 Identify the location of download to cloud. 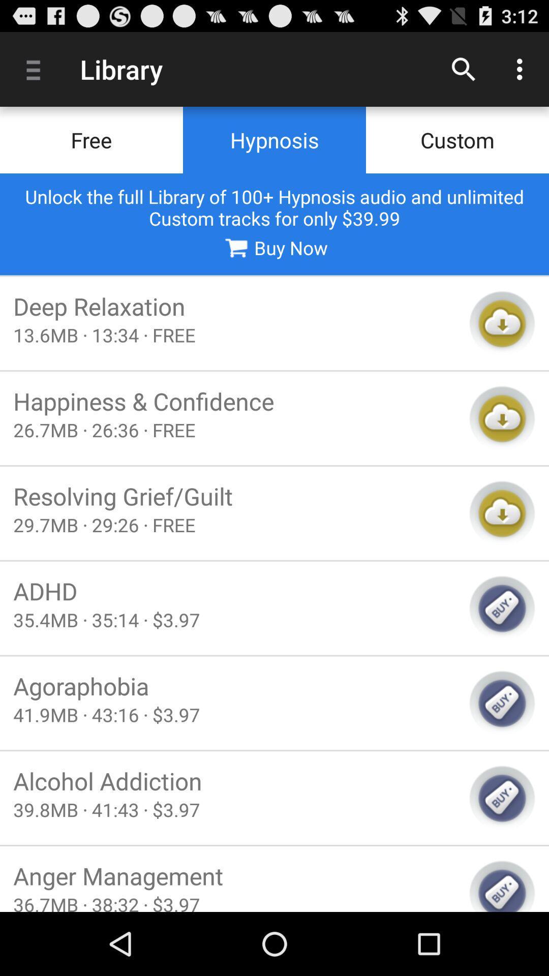
(502, 513).